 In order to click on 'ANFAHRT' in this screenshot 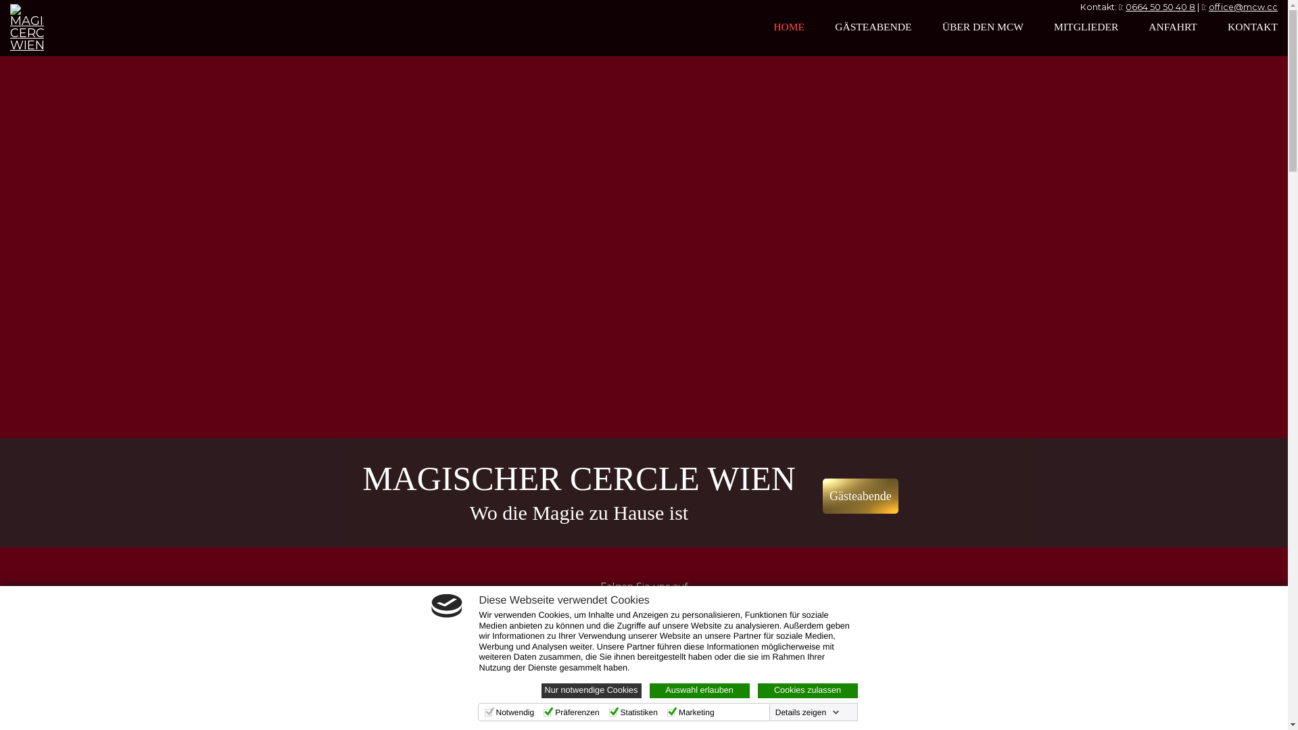, I will do `click(1148, 27)`.